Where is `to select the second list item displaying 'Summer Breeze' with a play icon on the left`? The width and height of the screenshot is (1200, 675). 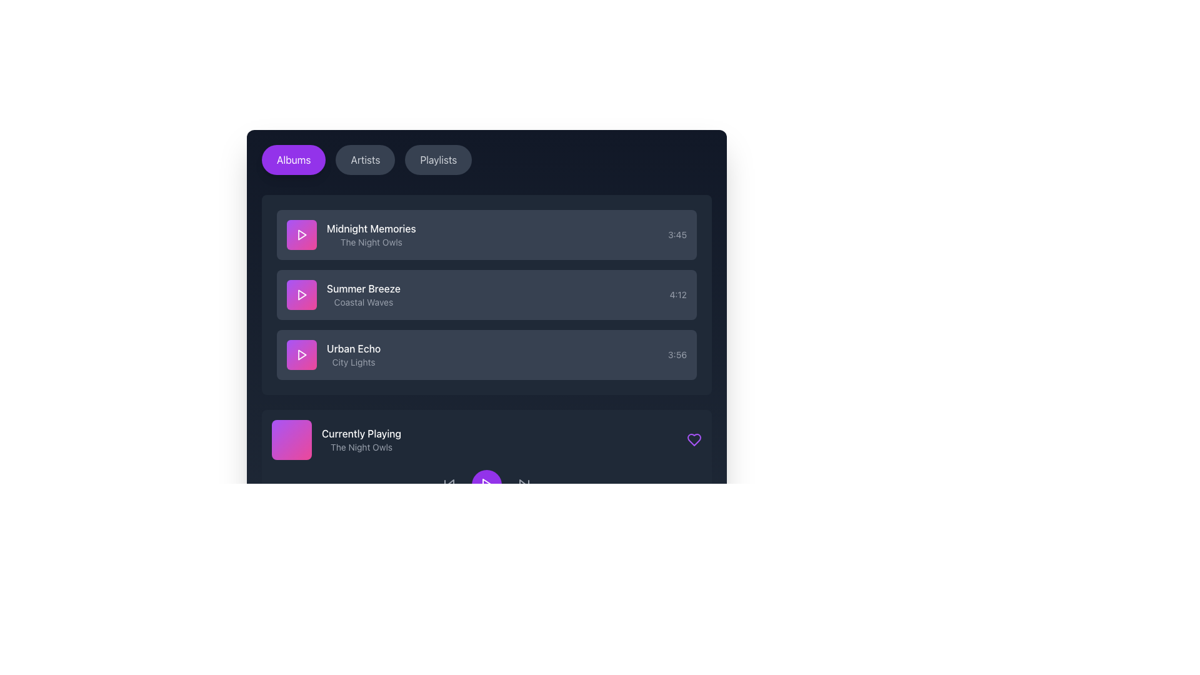 to select the second list item displaying 'Summer Breeze' with a play icon on the left is located at coordinates (343, 294).